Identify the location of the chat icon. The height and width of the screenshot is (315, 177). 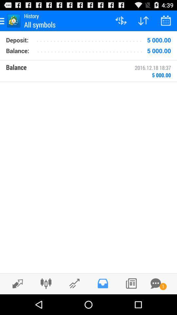
(155, 303).